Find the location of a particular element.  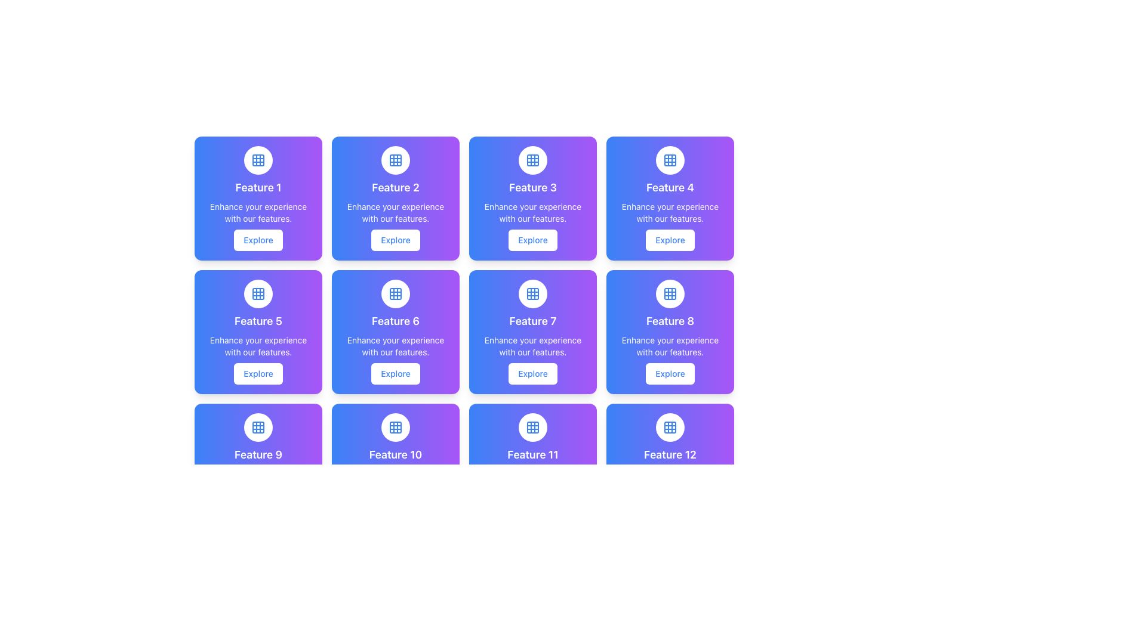

the graphical icon element which is located in the third column of the second row within a 3x3 grid layout inside the button of the feature card labeled 'Feature 7' is located at coordinates (532, 294).